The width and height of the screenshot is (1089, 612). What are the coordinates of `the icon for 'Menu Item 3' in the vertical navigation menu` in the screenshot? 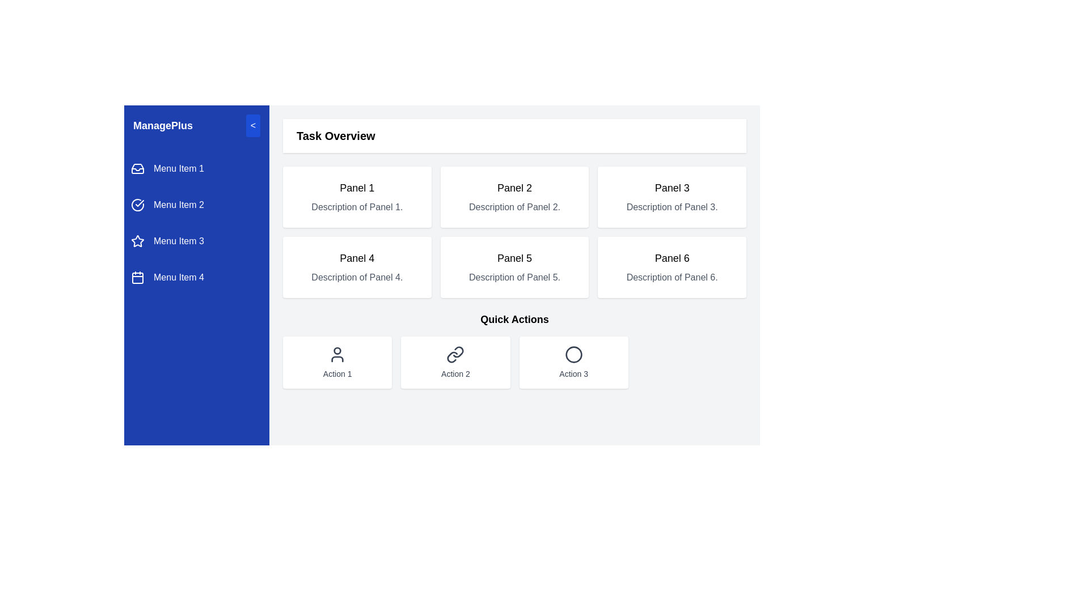 It's located at (137, 240).